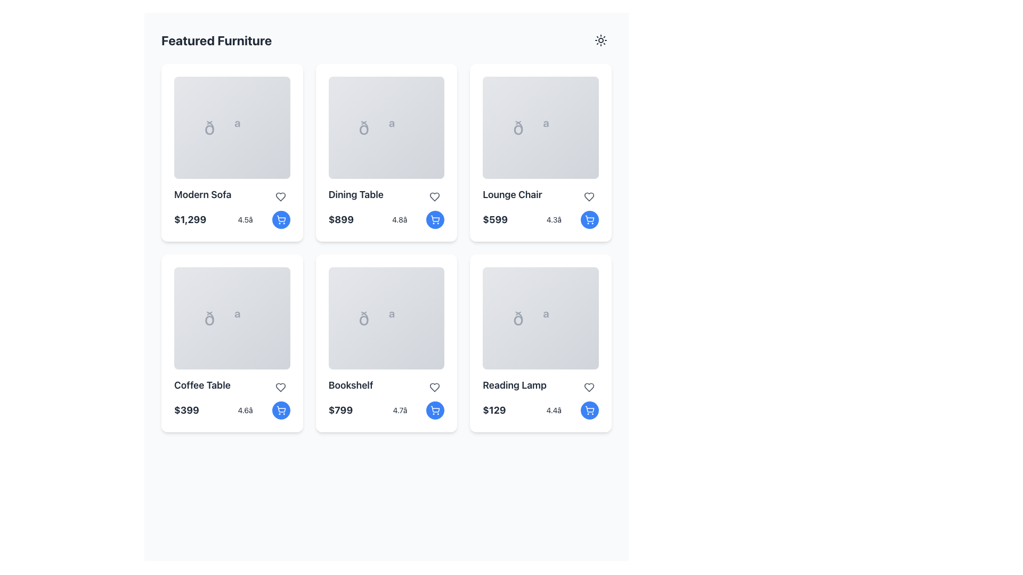 The width and height of the screenshot is (1023, 575). I want to click on the image placeholder for the 'Modern Sofa' product located in the upper-left section of the grid layout under 'Featured Furniture', so click(231, 127).